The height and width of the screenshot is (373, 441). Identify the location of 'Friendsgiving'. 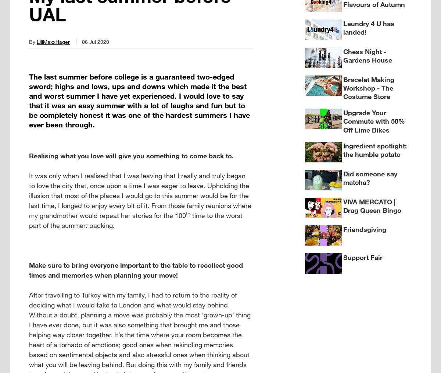
(343, 229).